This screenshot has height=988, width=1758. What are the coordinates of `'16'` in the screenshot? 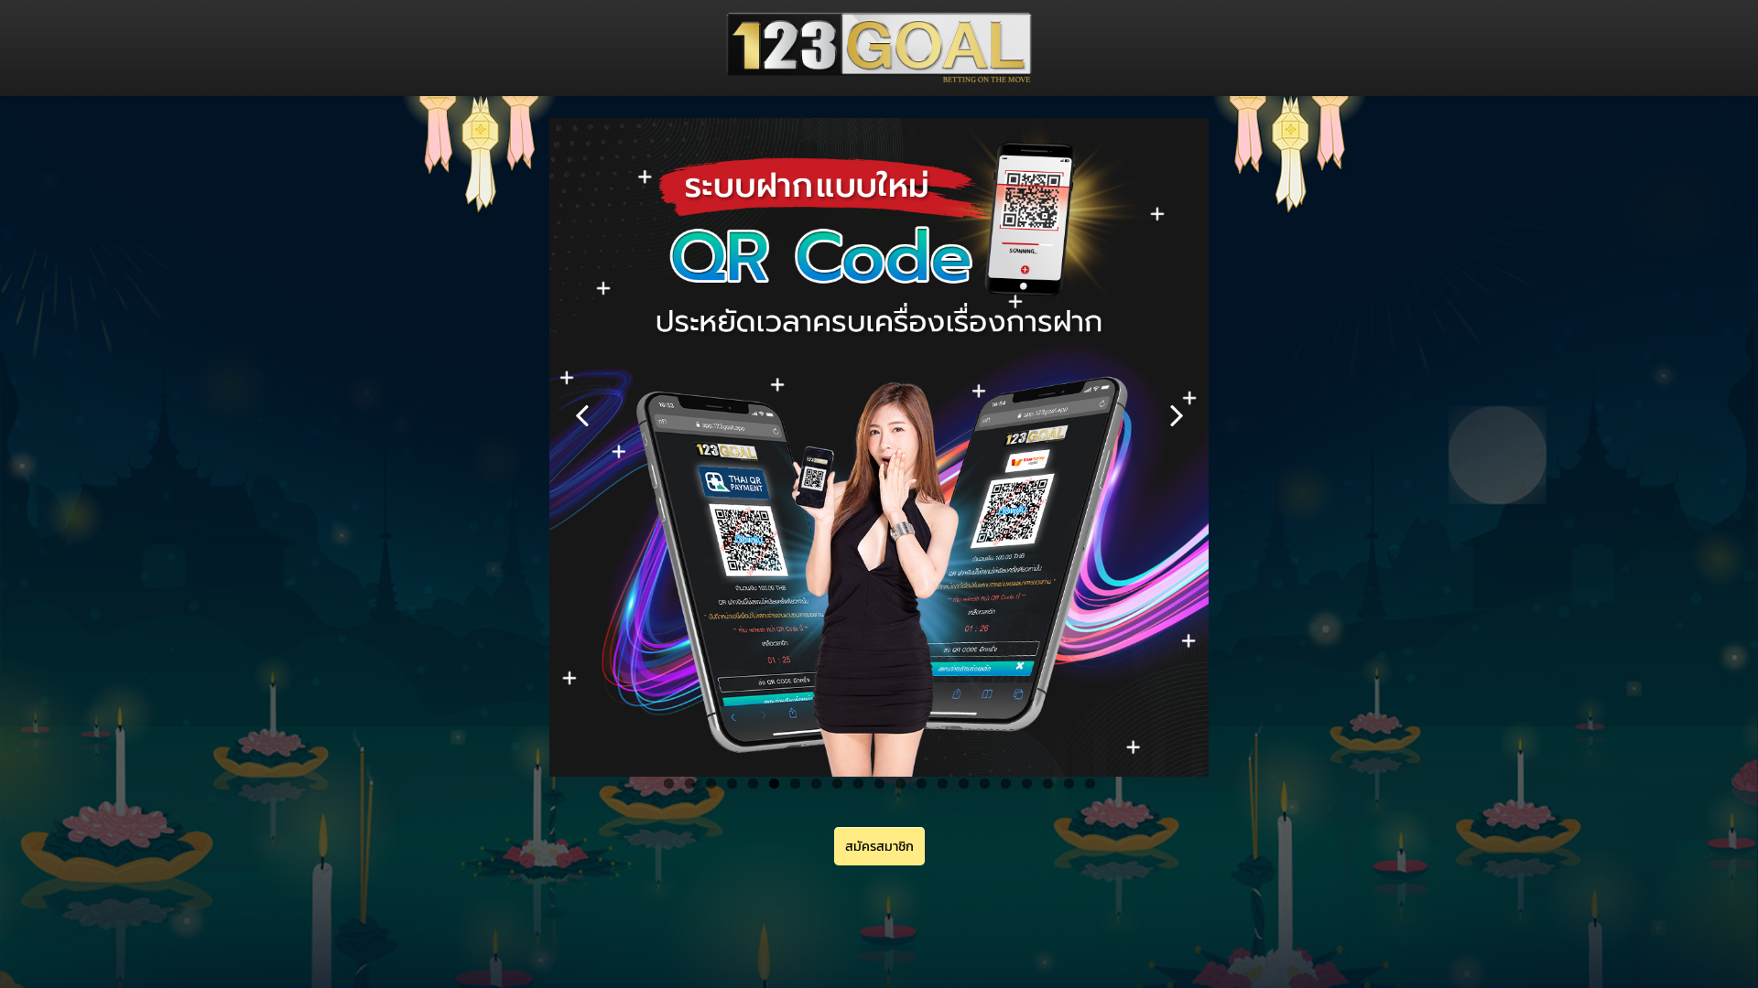 It's located at (983, 782).